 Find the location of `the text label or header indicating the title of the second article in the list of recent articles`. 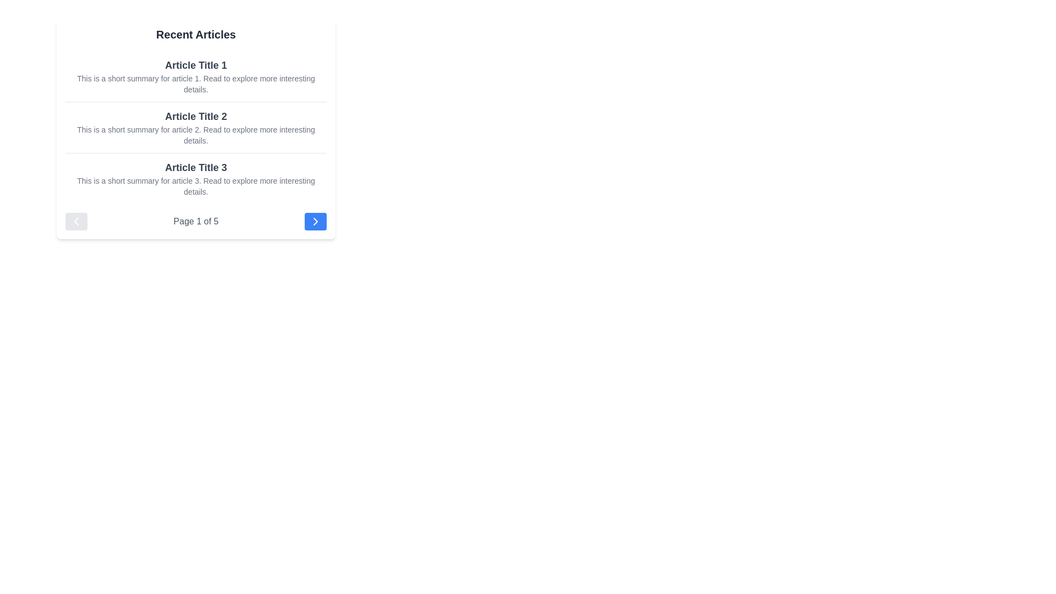

the text label or header indicating the title of the second article in the list of recent articles is located at coordinates (196, 117).